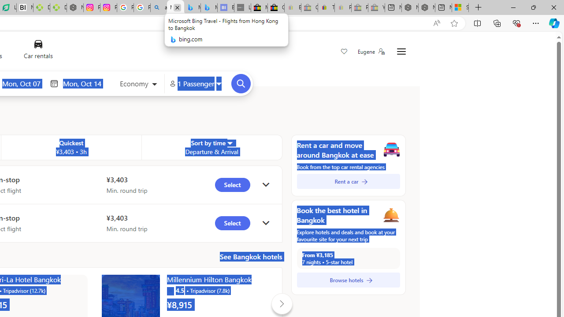 The height and width of the screenshot is (317, 564). I want to click on 'Rent a car', so click(348, 181).